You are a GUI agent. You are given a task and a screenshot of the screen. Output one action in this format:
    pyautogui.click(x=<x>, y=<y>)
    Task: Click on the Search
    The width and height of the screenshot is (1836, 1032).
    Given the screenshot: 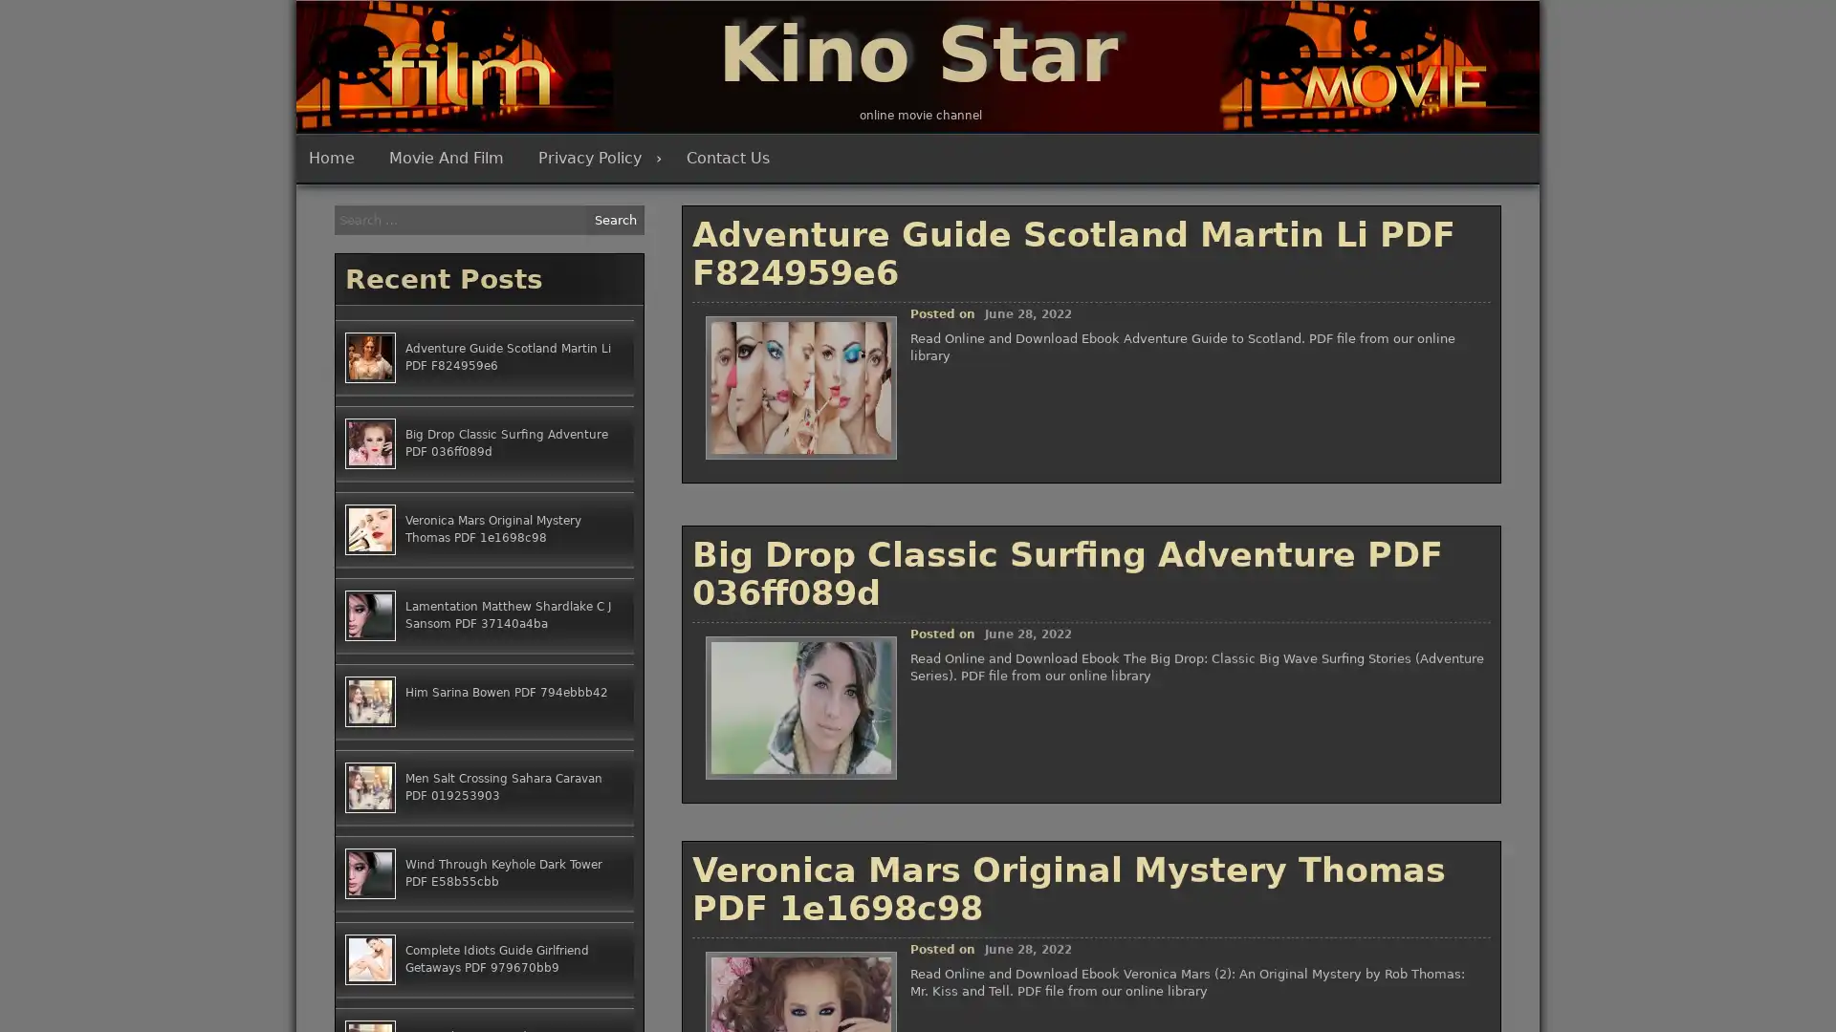 What is the action you would take?
    pyautogui.click(x=615, y=219)
    